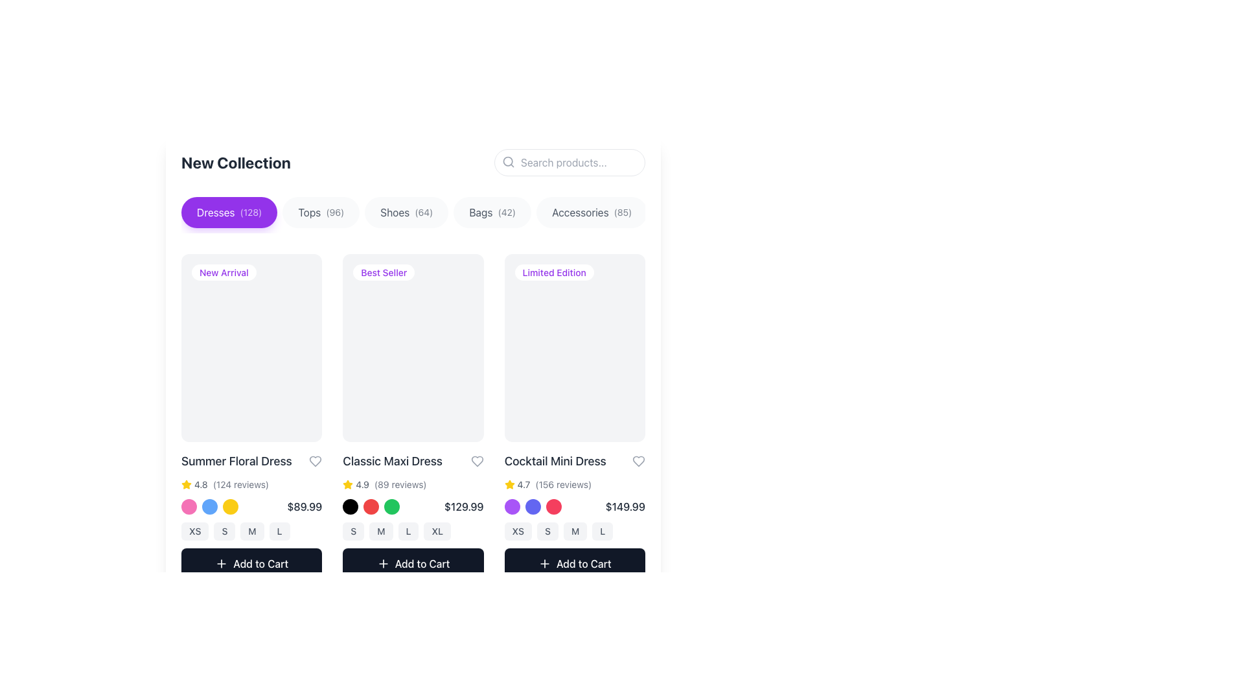 The width and height of the screenshot is (1244, 700). Describe the element at coordinates (279, 531) in the screenshot. I see `the size selection button labeled 'L', which is the fourth button in a horizontal list of size options under the product card` at that location.